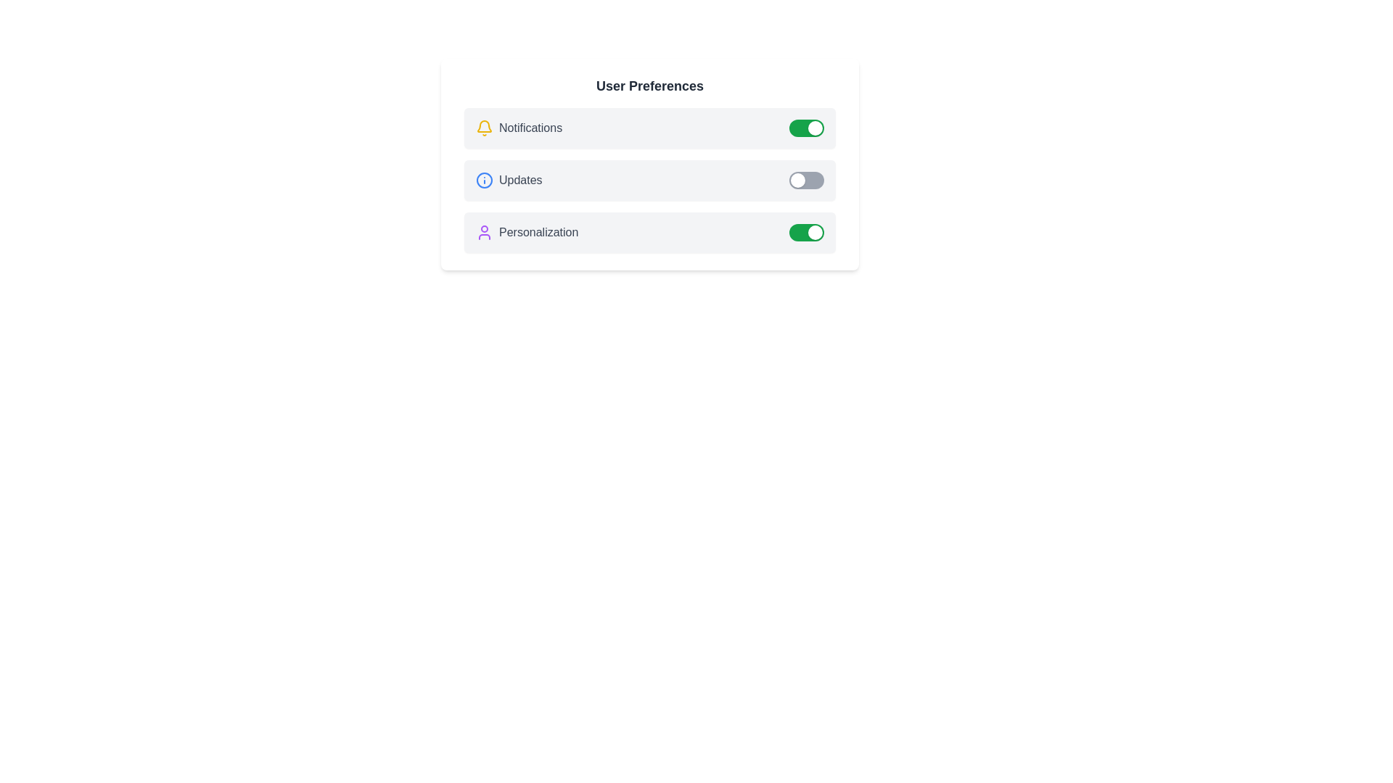 This screenshot has width=1393, height=783. Describe the element at coordinates (484, 231) in the screenshot. I see `the icon representing Personalization` at that location.